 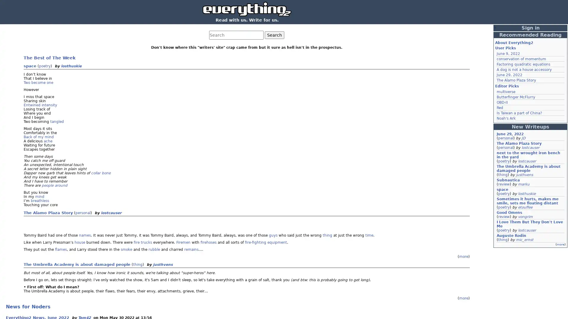 I want to click on Search, so click(x=274, y=35).